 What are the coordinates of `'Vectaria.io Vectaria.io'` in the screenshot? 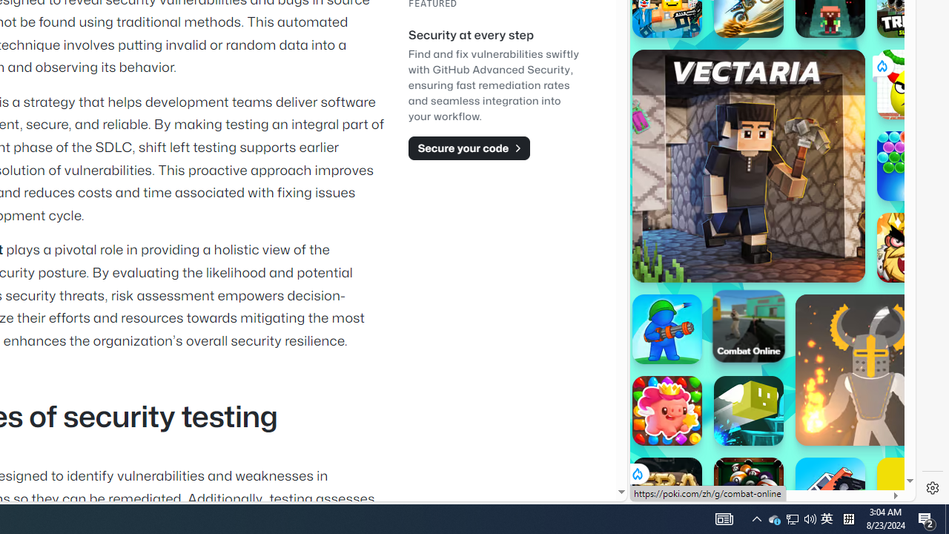 It's located at (748, 165).